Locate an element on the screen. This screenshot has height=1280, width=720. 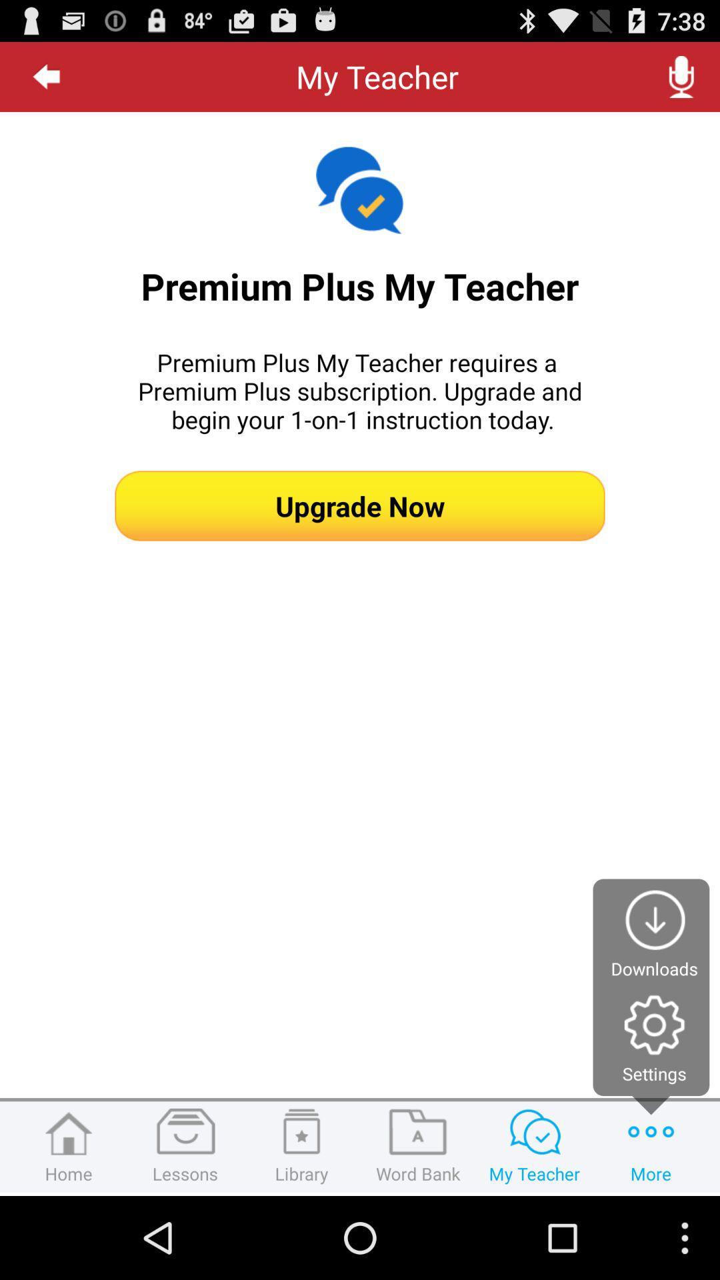
the app below premium plus my is located at coordinates (360, 505).